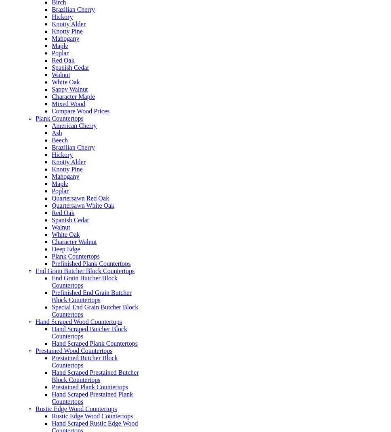 This screenshot has width=391, height=432. What do you see at coordinates (92, 397) in the screenshot?
I see `'Hand Scraped Prestained Plank Countertops'` at bounding box center [92, 397].